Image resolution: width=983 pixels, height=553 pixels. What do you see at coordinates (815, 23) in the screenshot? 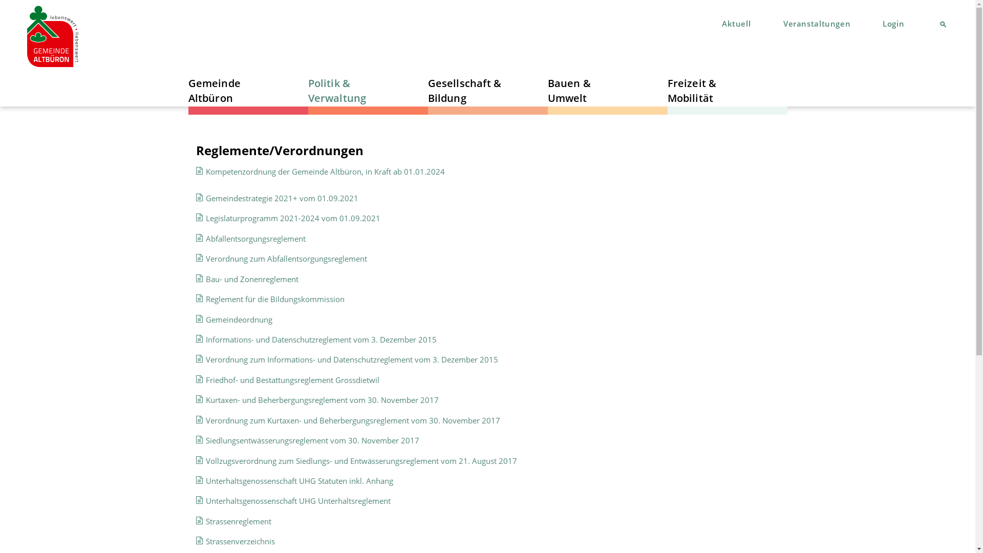
I see `'Veranstaltungen'` at bounding box center [815, 23].